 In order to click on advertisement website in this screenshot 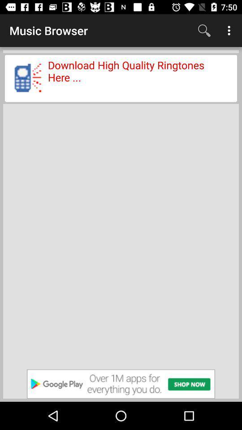, I will do `click(121, 383)`.